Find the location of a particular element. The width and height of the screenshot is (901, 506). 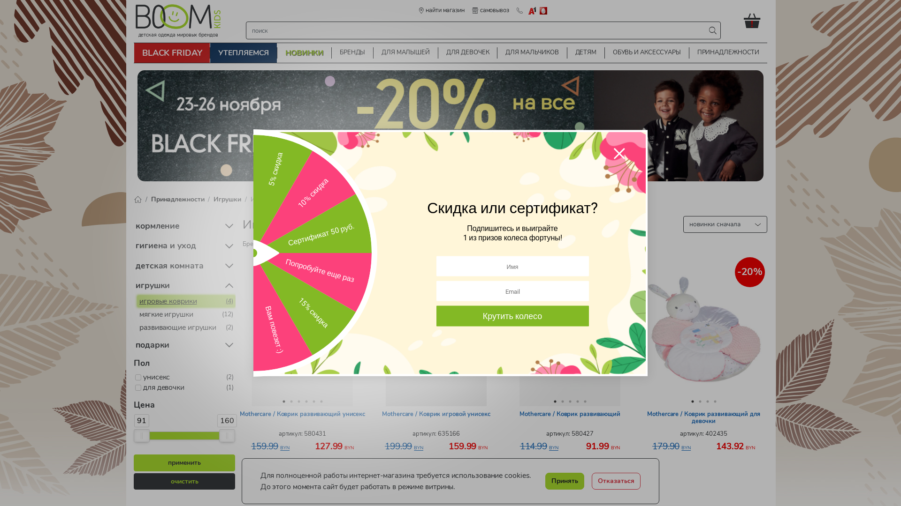

'2' is located at coordinates (562, 401).